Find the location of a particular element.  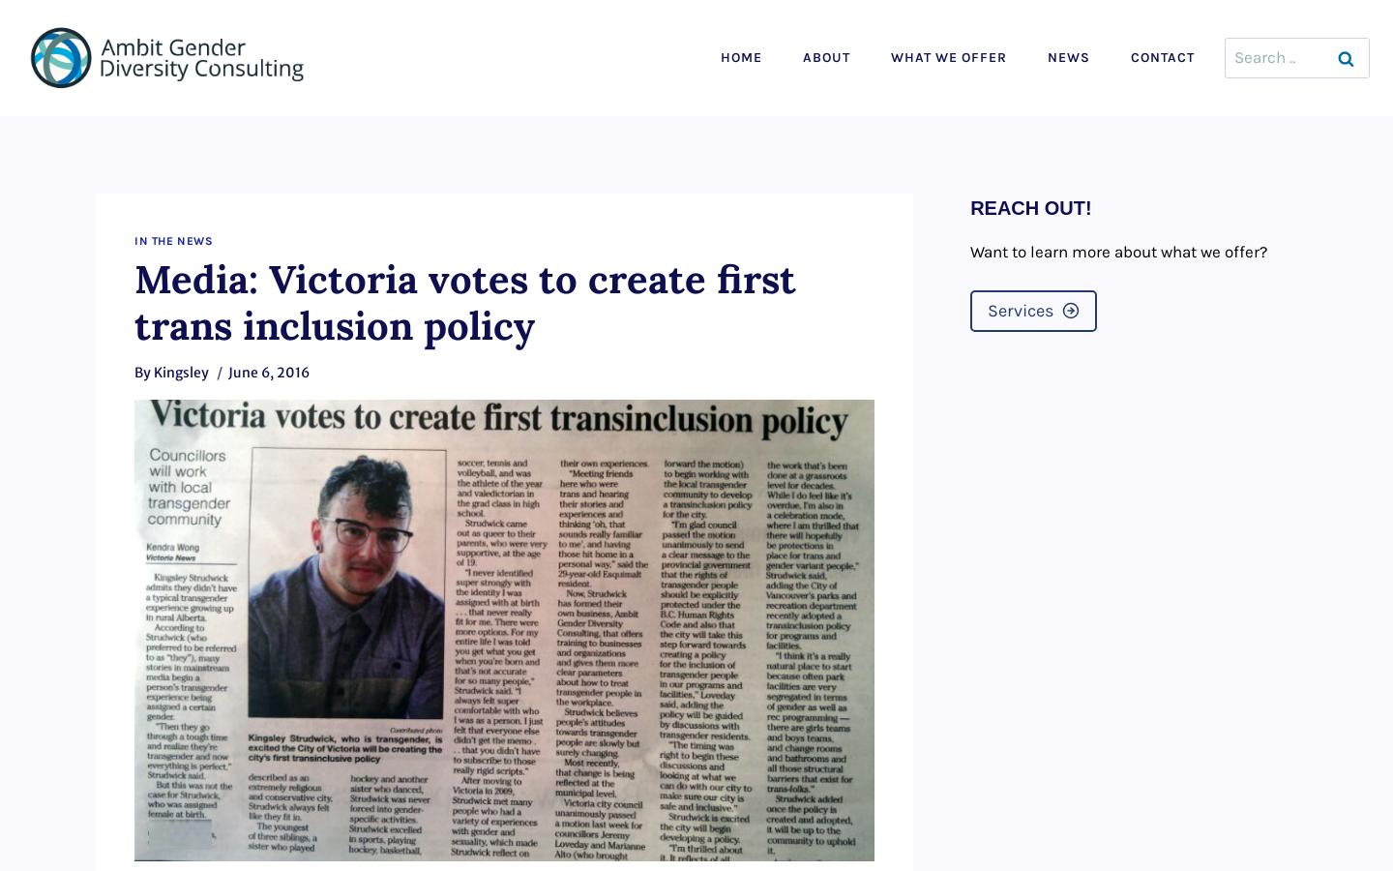

'Reach out!' is located at coordinates (968, 208).